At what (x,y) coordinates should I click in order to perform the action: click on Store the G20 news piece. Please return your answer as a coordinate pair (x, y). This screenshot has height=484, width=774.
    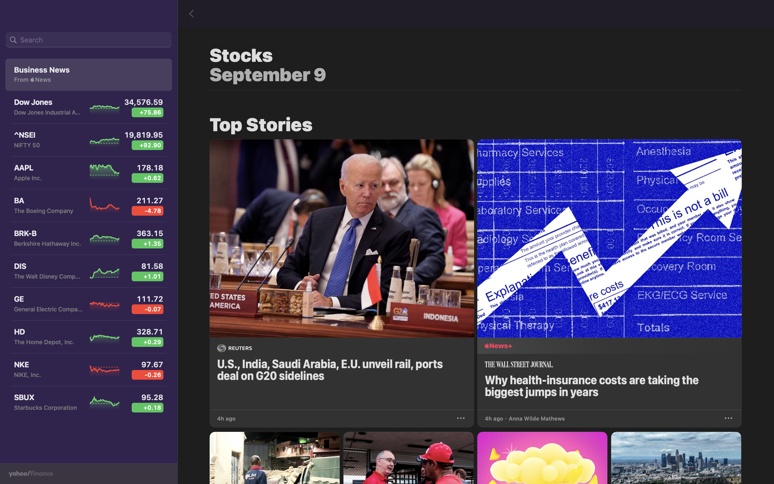
    Looking at the image, I should click on (462, 417).